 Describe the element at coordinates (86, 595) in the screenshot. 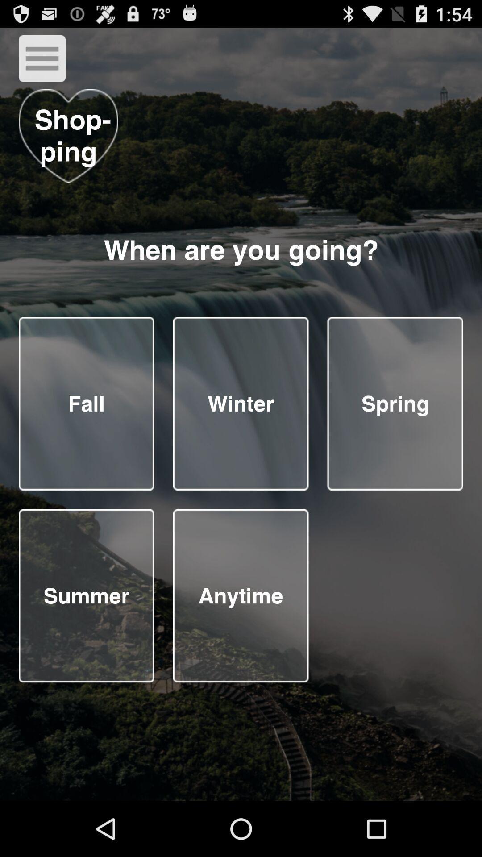

I see `answer` at that location.